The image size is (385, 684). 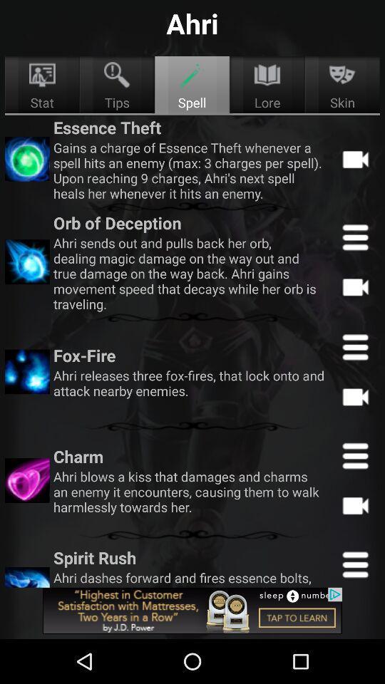 What do you see at coordinates (354, 237) in the screenshot?
I see `open the dropdown menu` at bounding box center [354, 237].